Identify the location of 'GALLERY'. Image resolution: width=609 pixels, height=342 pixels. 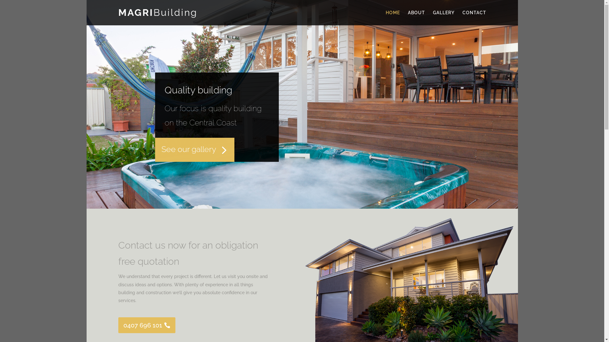
(443, 17).